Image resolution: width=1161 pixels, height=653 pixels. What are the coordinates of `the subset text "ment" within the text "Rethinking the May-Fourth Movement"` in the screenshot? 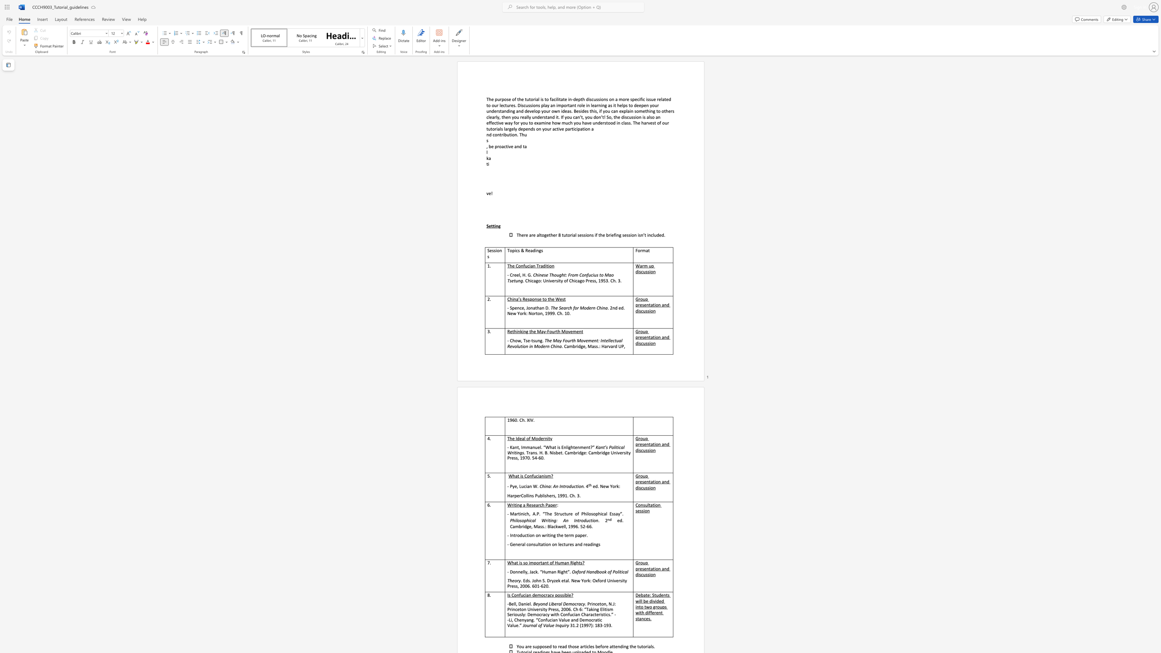 It's located at (572, 331).